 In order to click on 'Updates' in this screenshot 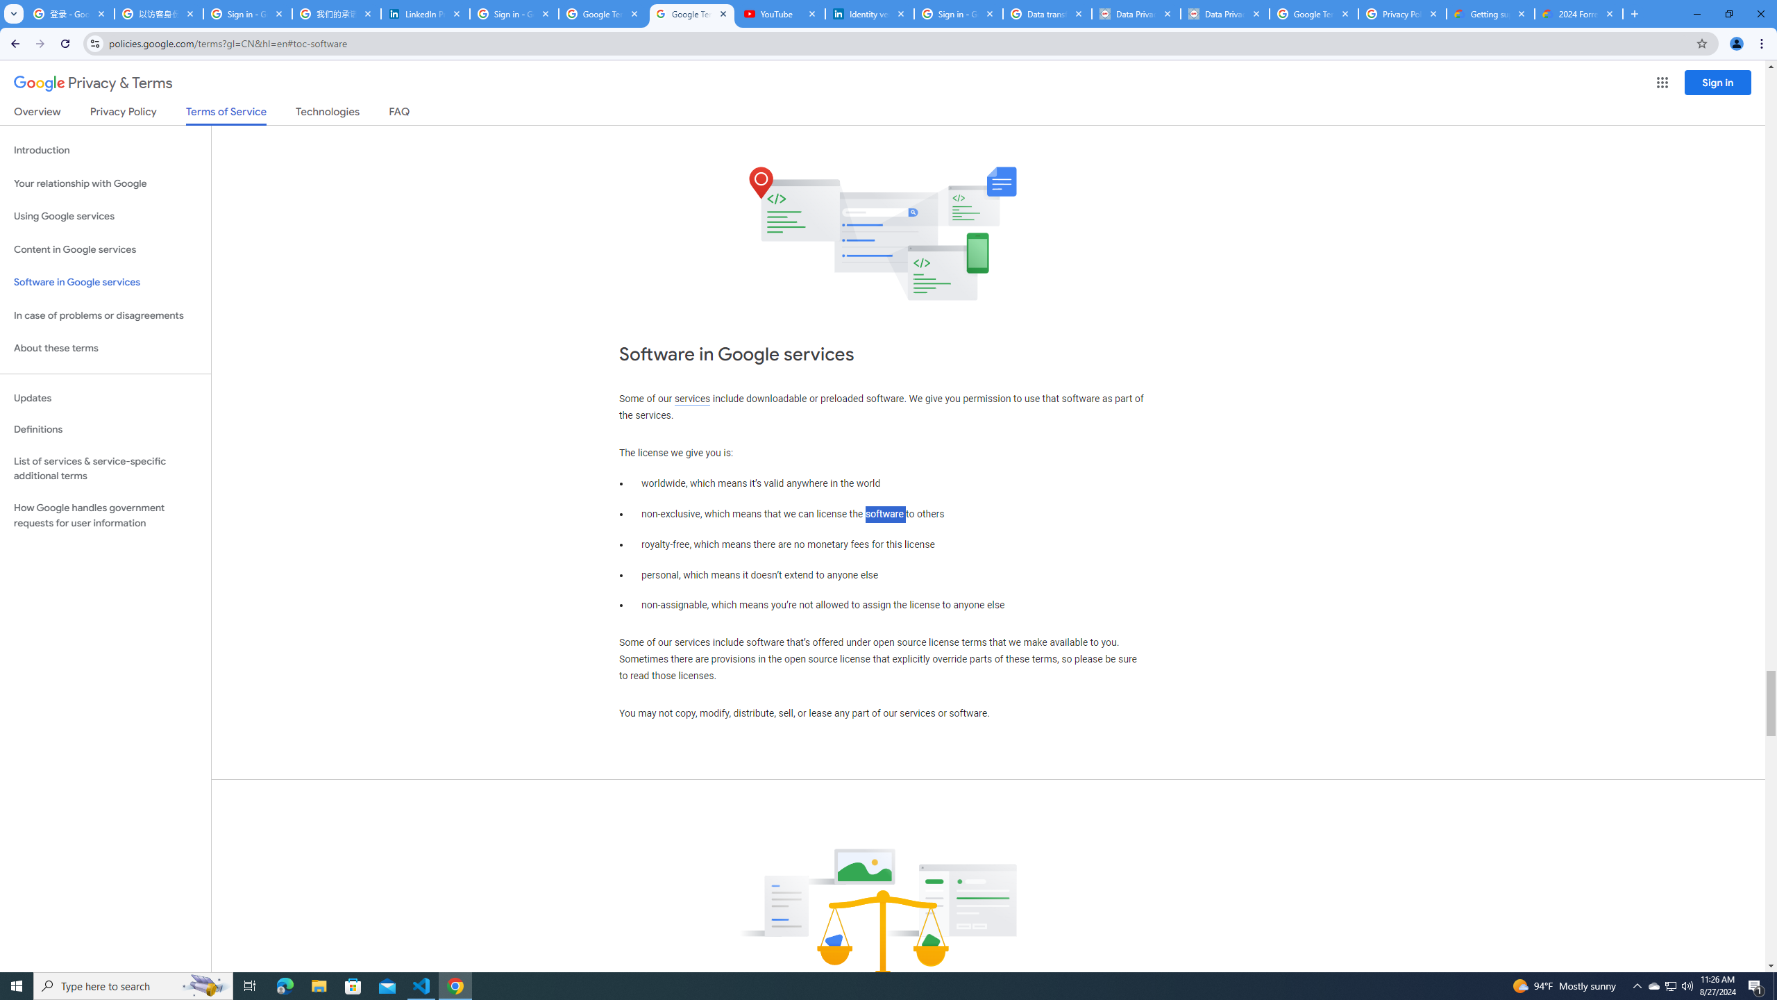, I will do `click(105, 397)`.